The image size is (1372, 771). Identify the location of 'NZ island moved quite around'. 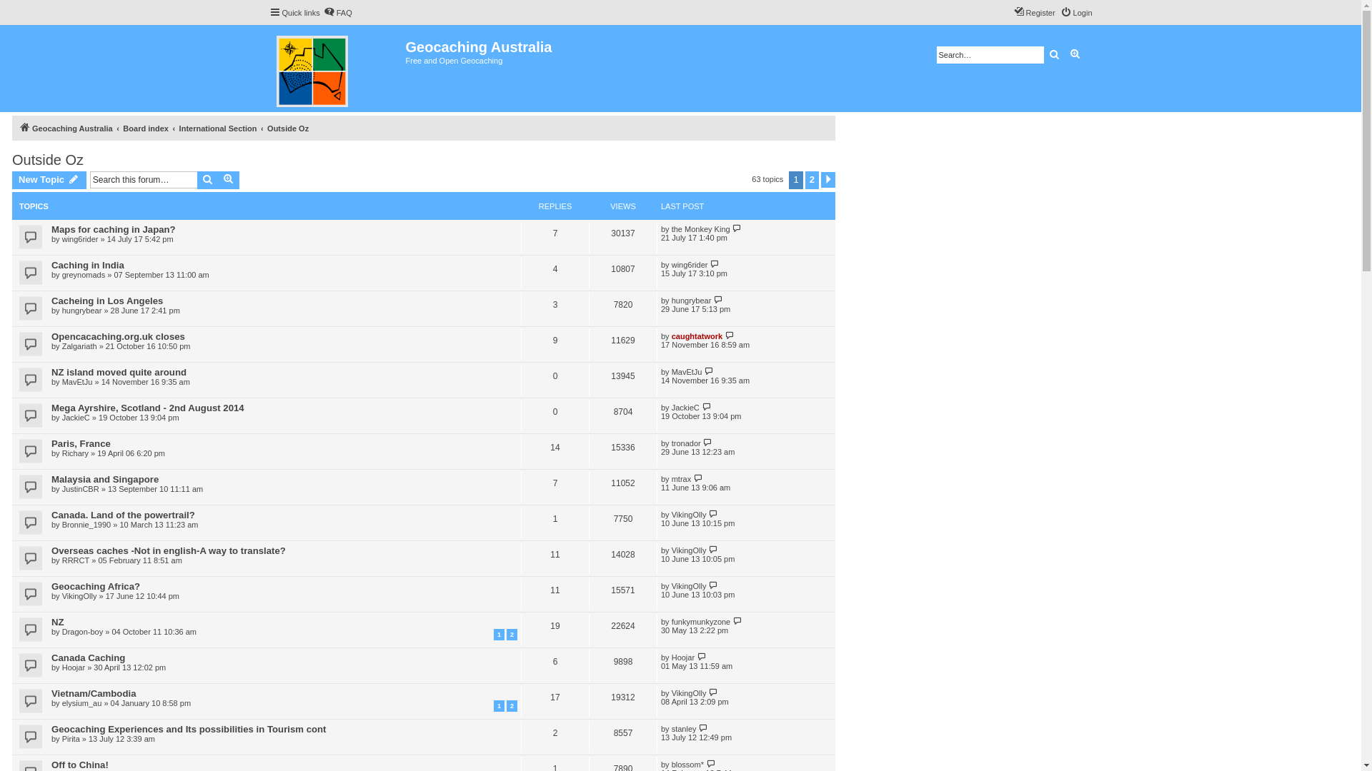
(119, 371).